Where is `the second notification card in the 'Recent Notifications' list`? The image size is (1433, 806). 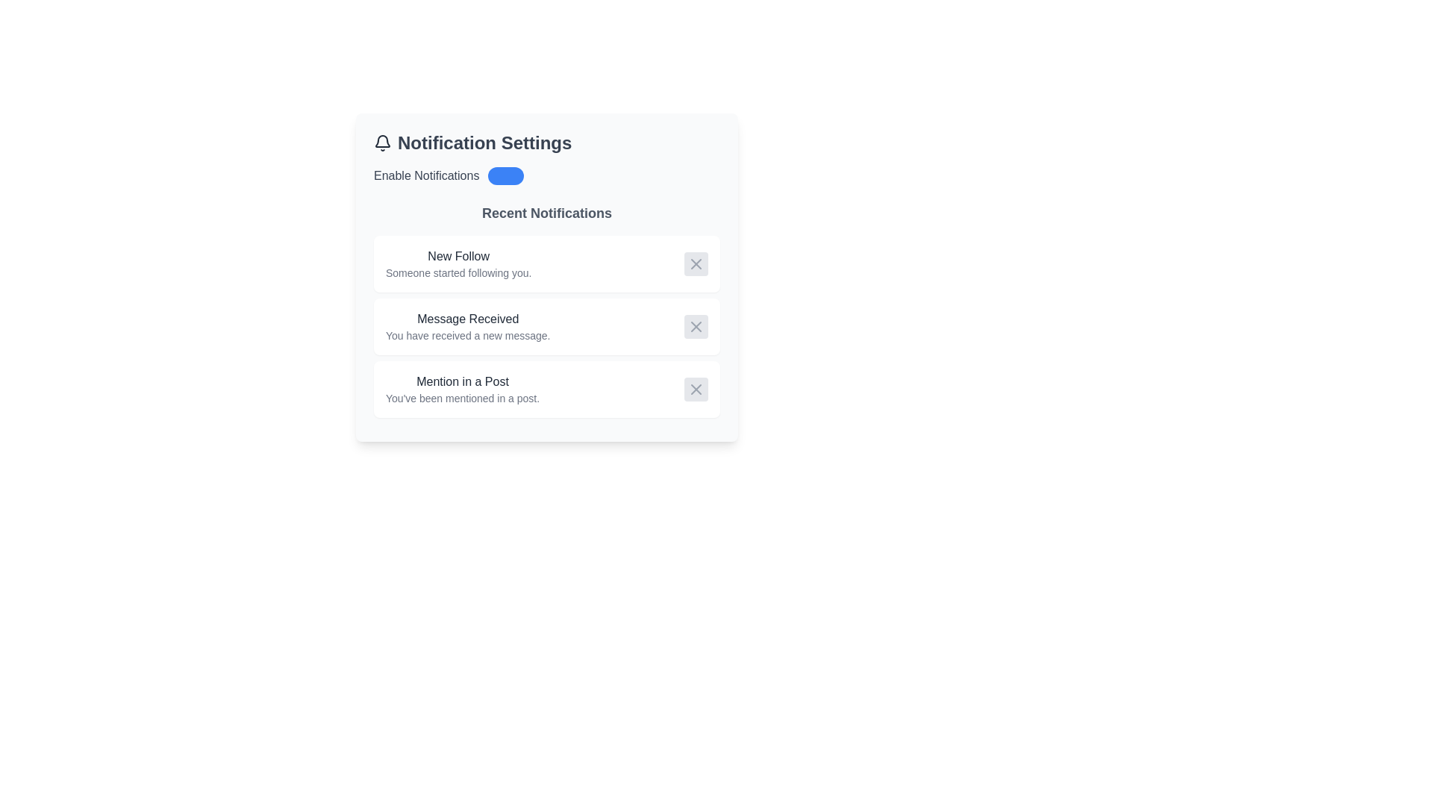
the second notification card in the 'Recent Notifications' list is located at coordinates (546, 326).